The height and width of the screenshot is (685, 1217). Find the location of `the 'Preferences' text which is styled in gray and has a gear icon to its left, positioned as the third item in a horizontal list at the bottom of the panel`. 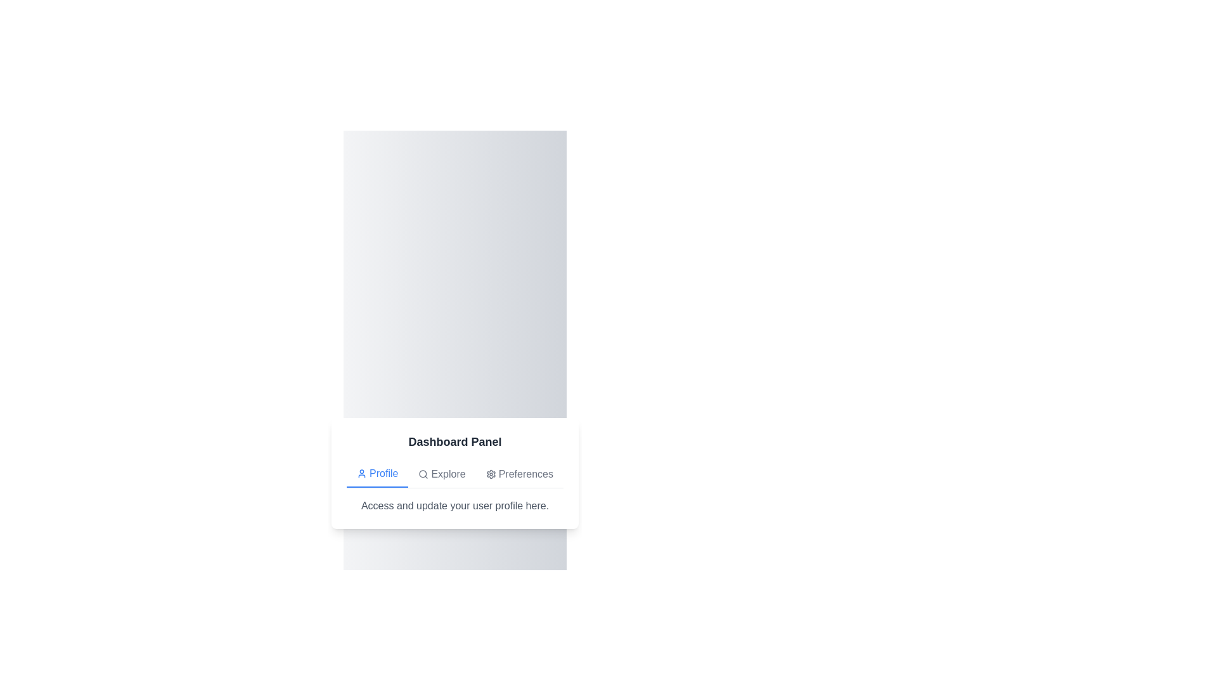

the 'Preferences' text which is styled in gray and has a gear icon to its left, positioned as the third item in a horizontal list at the bottom of the panel is located at coordinates (519, 474).